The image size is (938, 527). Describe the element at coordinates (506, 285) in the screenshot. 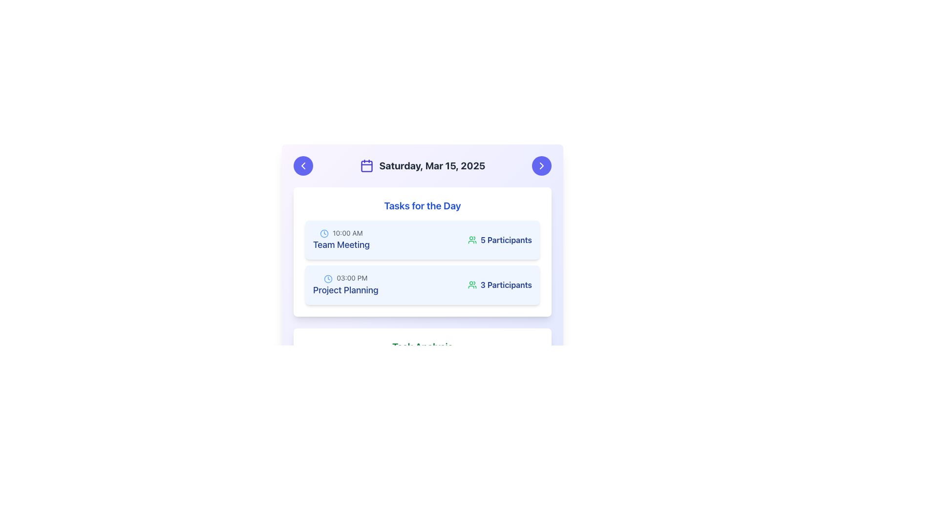

I see `the text label displaying '3 Participants' in bold, blue font, located to the right of a green user icon at the bottom of the 'Tasks for the Day' list` at that location.